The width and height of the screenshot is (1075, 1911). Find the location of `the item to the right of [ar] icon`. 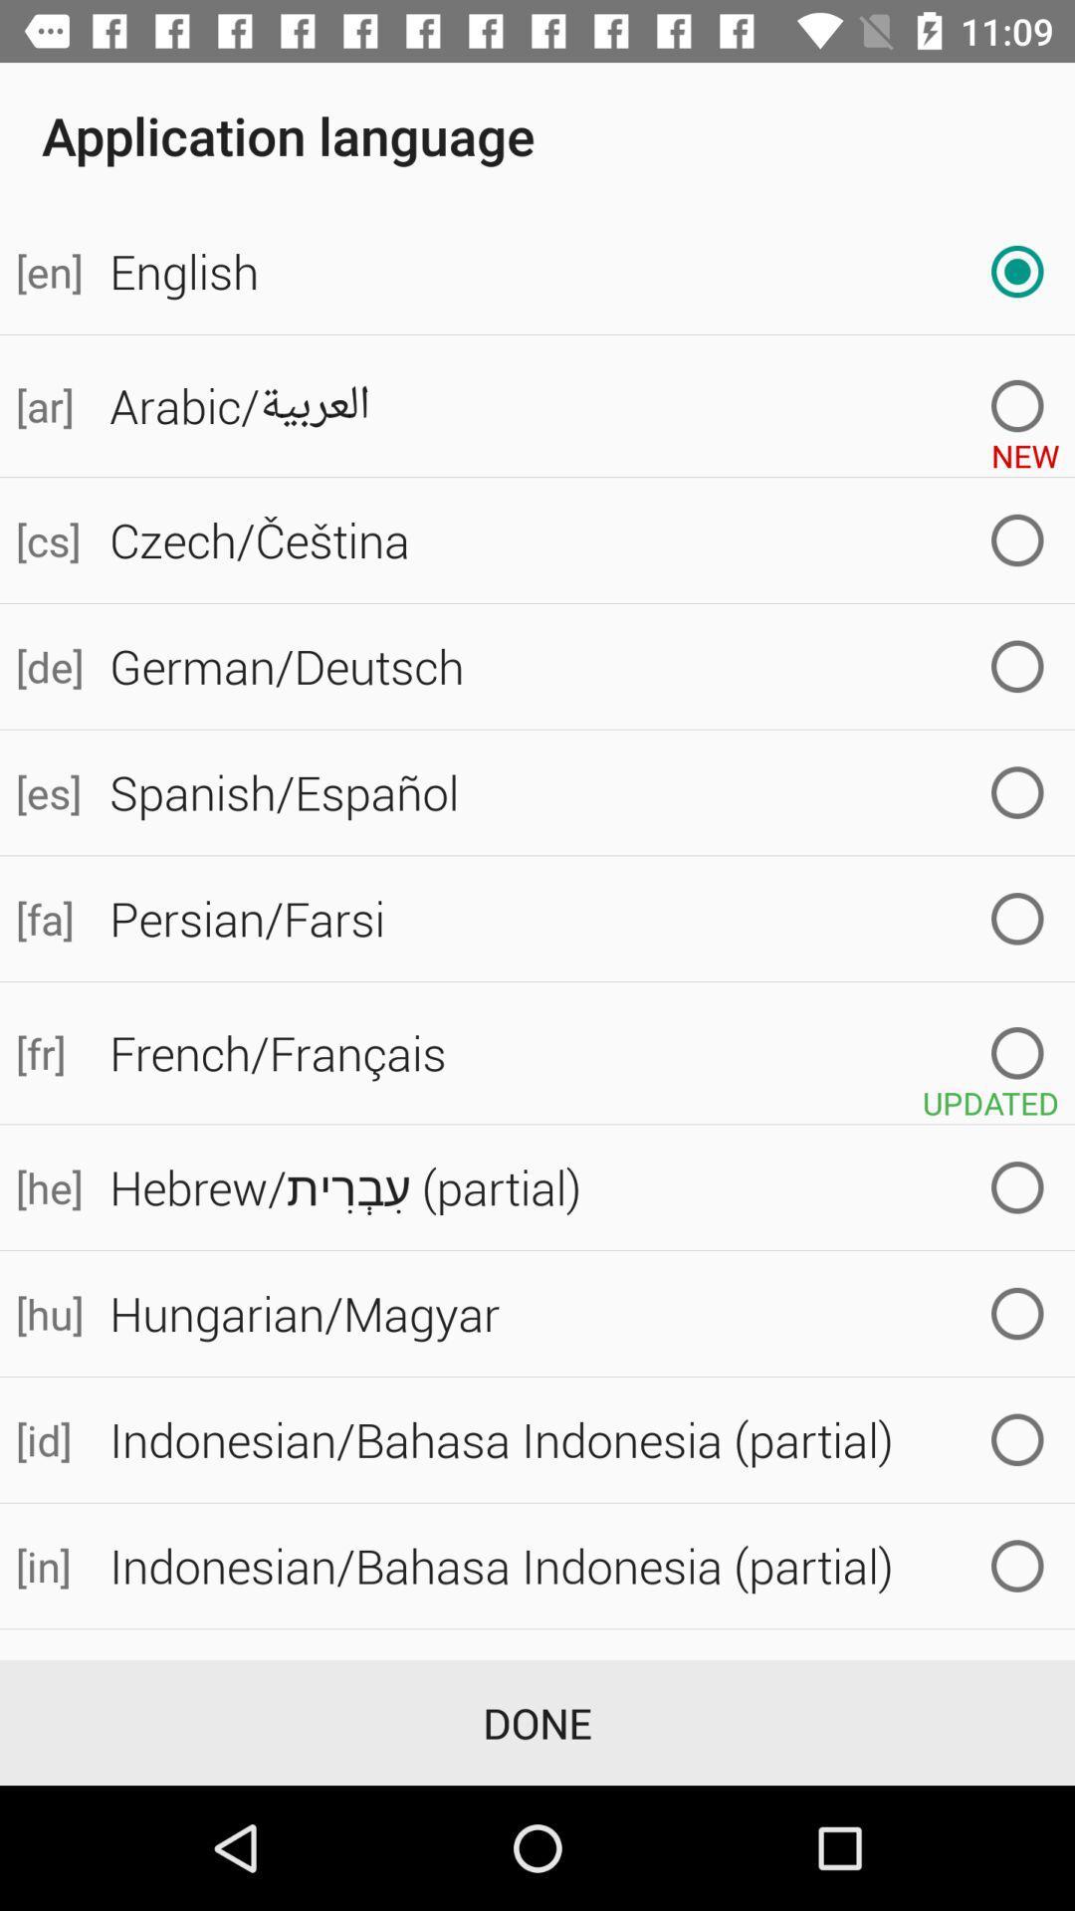

the item to the right of [ar] icon is located at coordinates (583, 405).